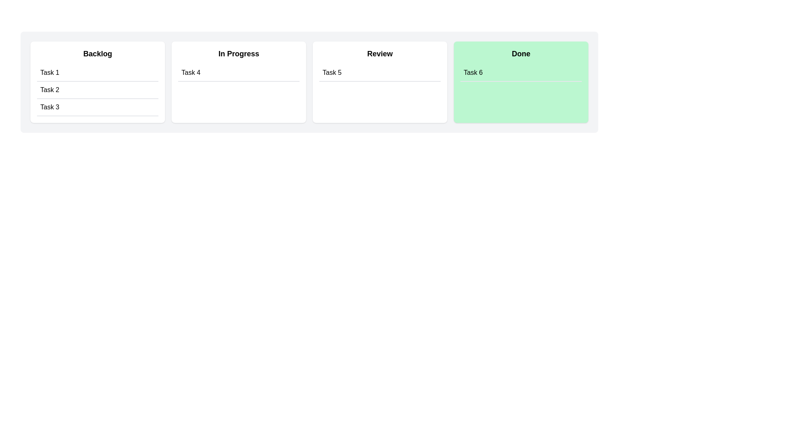 This screenshot has height=444, width=790. What do you see at coordinates (238, 82) in the screenshot?
I see `the column titled In Progress to inspect its items` at bounding box center [238, 82].